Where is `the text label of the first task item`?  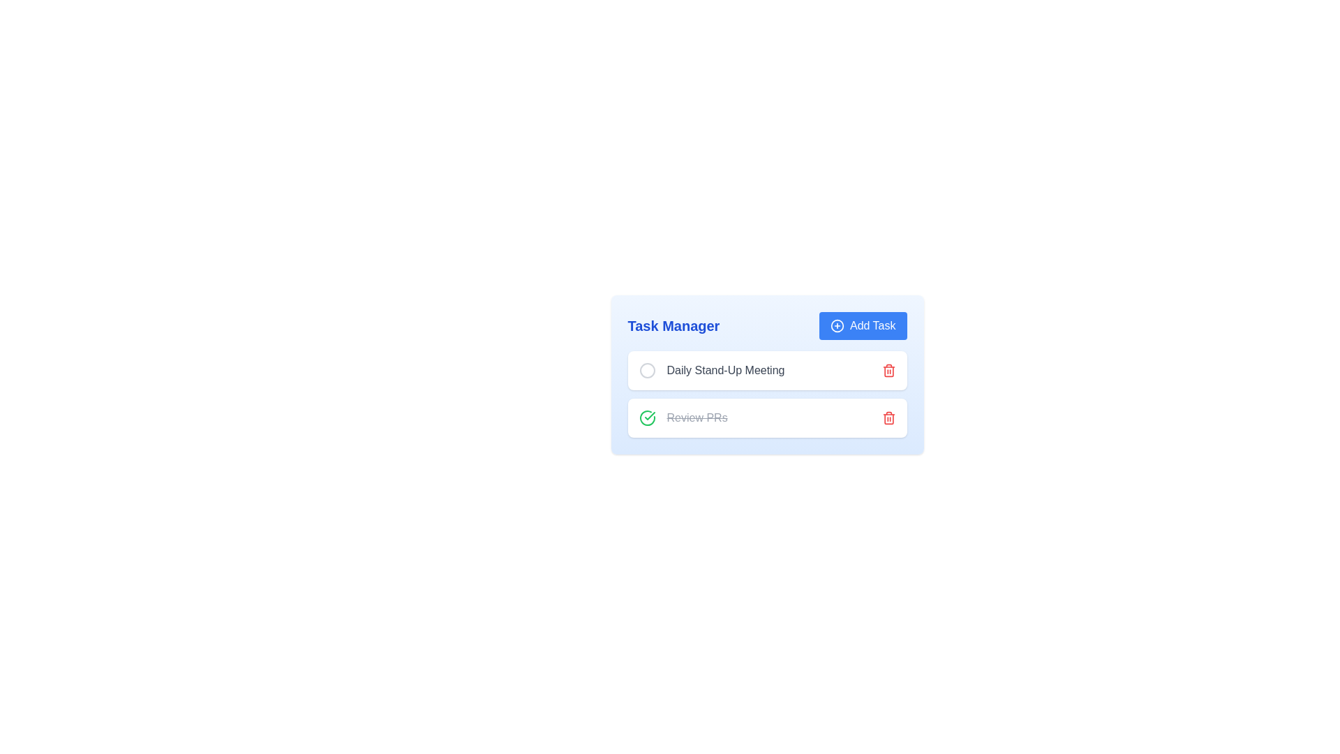 the text label of the first task item is located at coordinates (766, 370).